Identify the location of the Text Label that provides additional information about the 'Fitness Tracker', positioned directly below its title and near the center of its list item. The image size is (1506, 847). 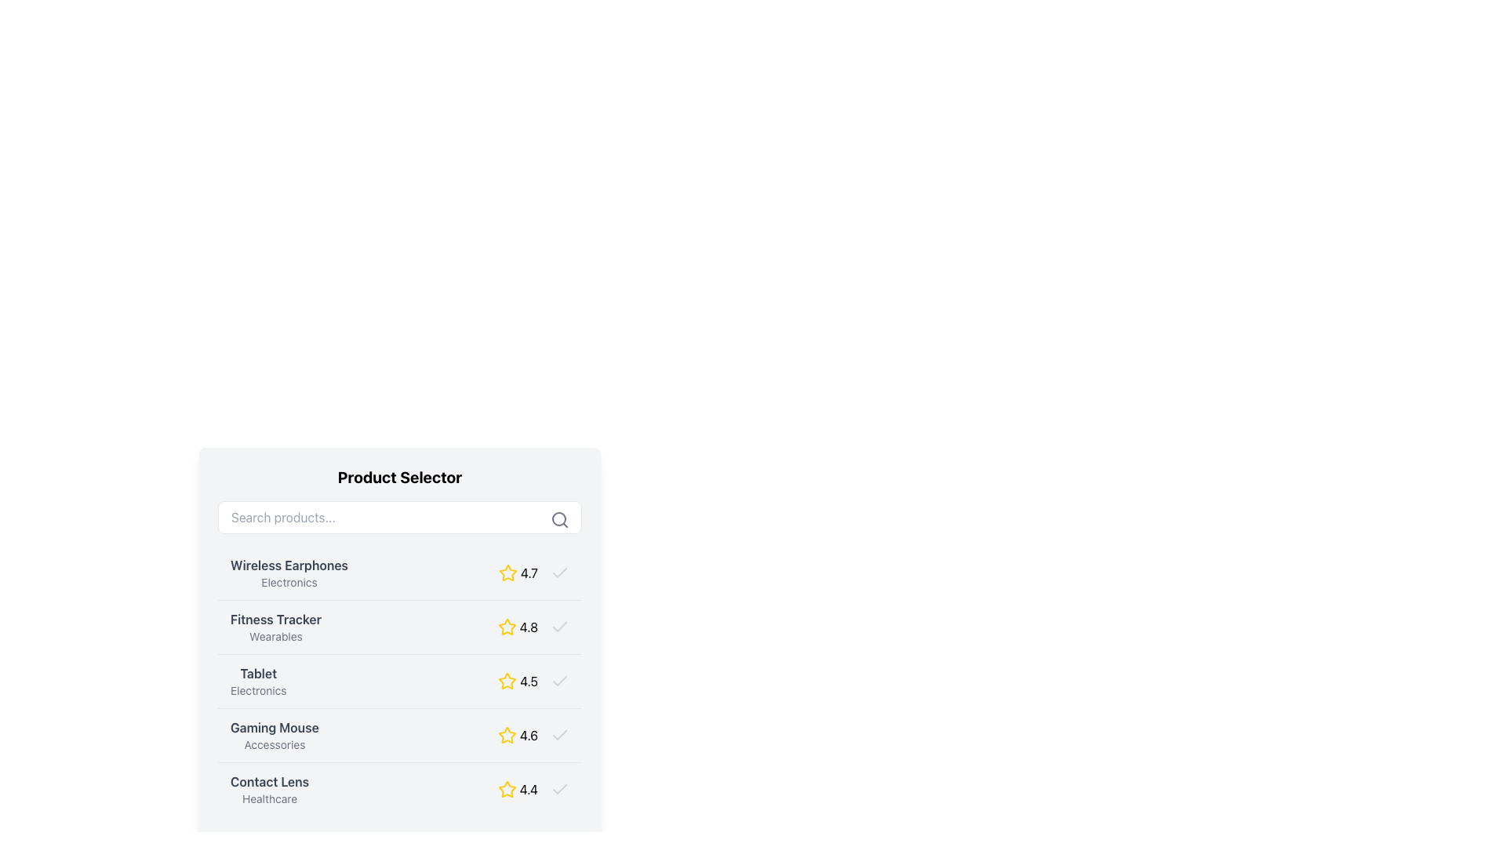
(275, 637).